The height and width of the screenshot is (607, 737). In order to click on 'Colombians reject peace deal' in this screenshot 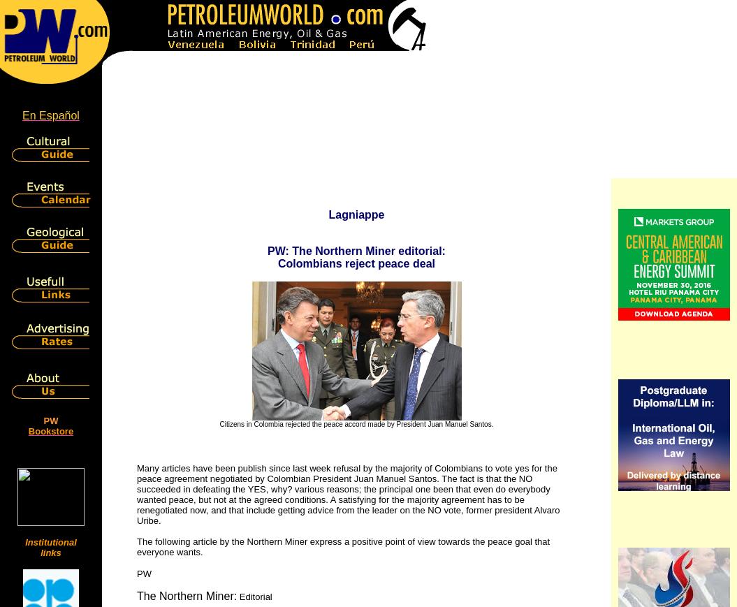, I will do `click(278, 263)`.